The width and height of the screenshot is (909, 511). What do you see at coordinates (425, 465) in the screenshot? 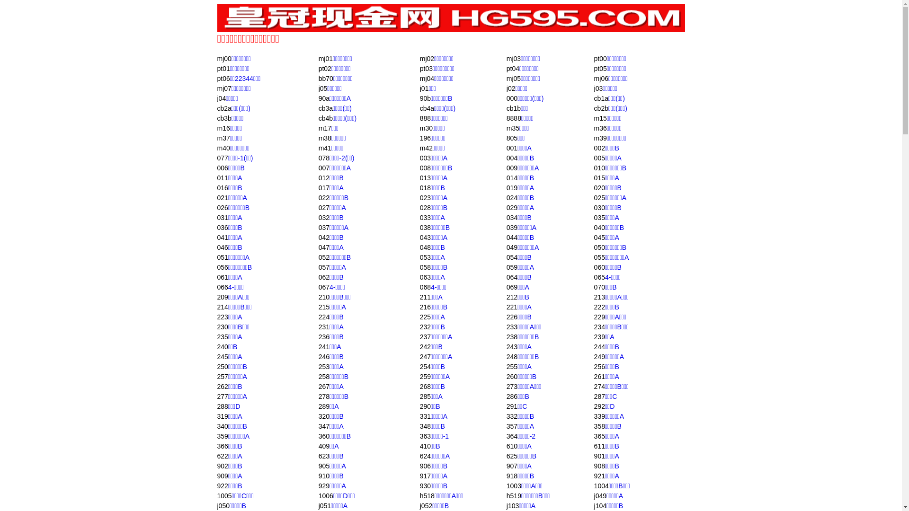
I see `'906'` at bounding box center [425, 465].